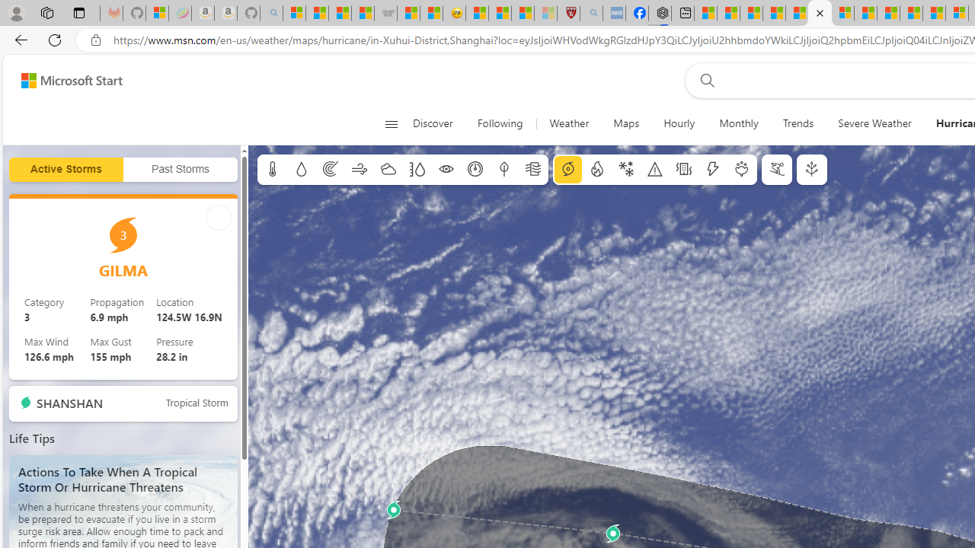 The height and width of the screenshot is (548, 975). I want to click on 'Lightning', so click(711, 170).